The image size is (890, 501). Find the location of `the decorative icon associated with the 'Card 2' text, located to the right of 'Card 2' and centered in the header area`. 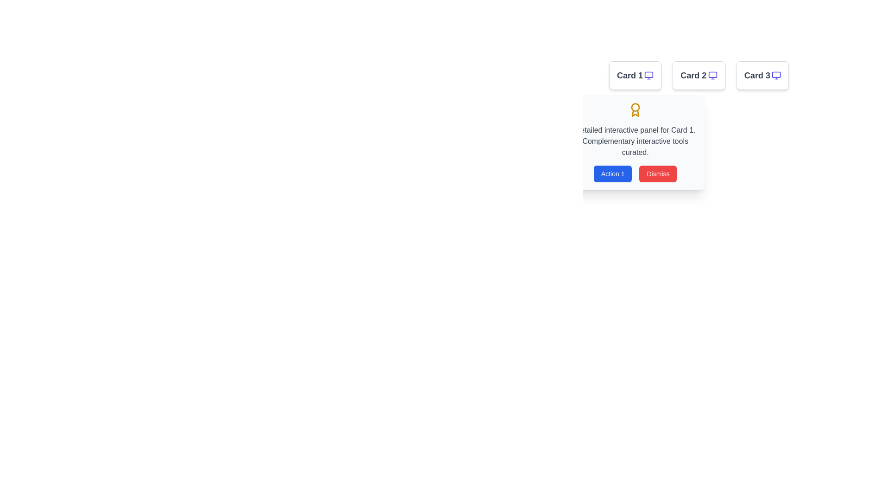

the decorative icon associated with the 'Card 2' text, located to the right of 'Card 2' and centered in the header area is located at coordinates (712, 75).